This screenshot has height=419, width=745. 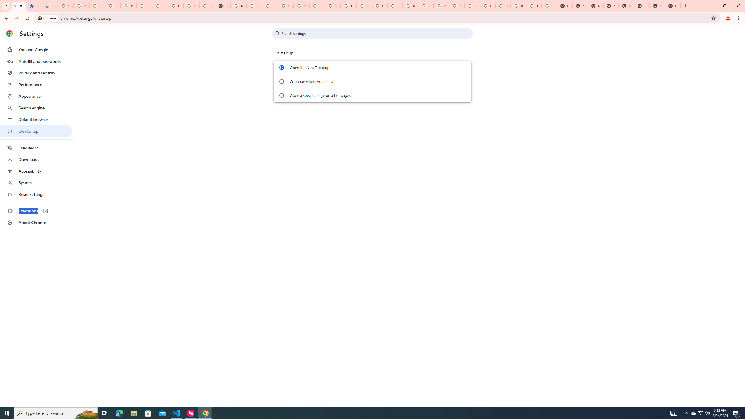 I want to click on 'Languages', so click(x=36, y=148).